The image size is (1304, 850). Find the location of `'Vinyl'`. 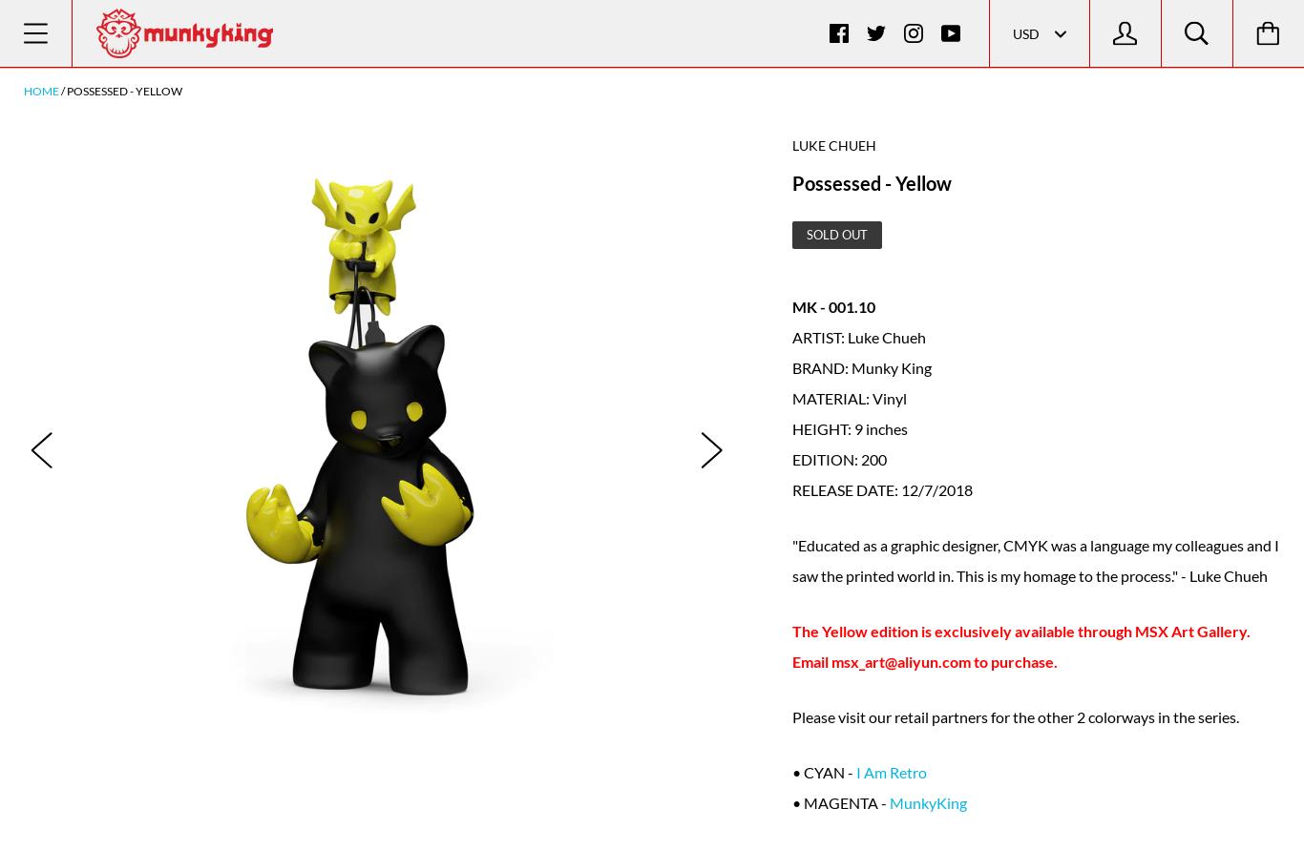

'Vinyl' is located at coordinates (889, 397).